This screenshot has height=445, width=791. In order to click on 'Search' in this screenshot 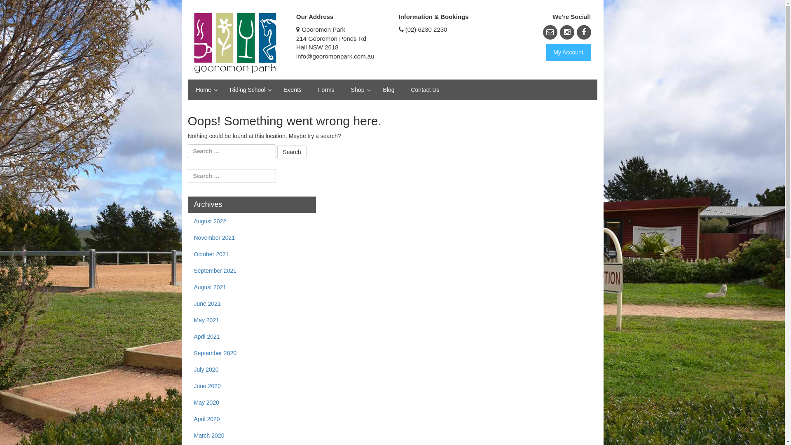, I will do `click(292, 152)`.